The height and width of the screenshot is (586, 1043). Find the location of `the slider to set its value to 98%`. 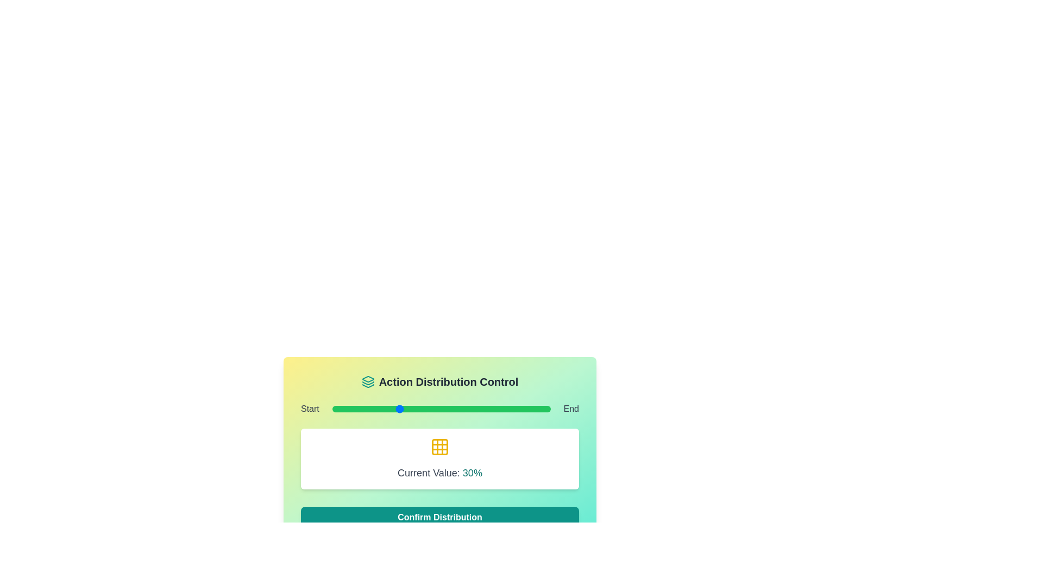

the slider to set its value to 98% is located at coordinates (546, 409).